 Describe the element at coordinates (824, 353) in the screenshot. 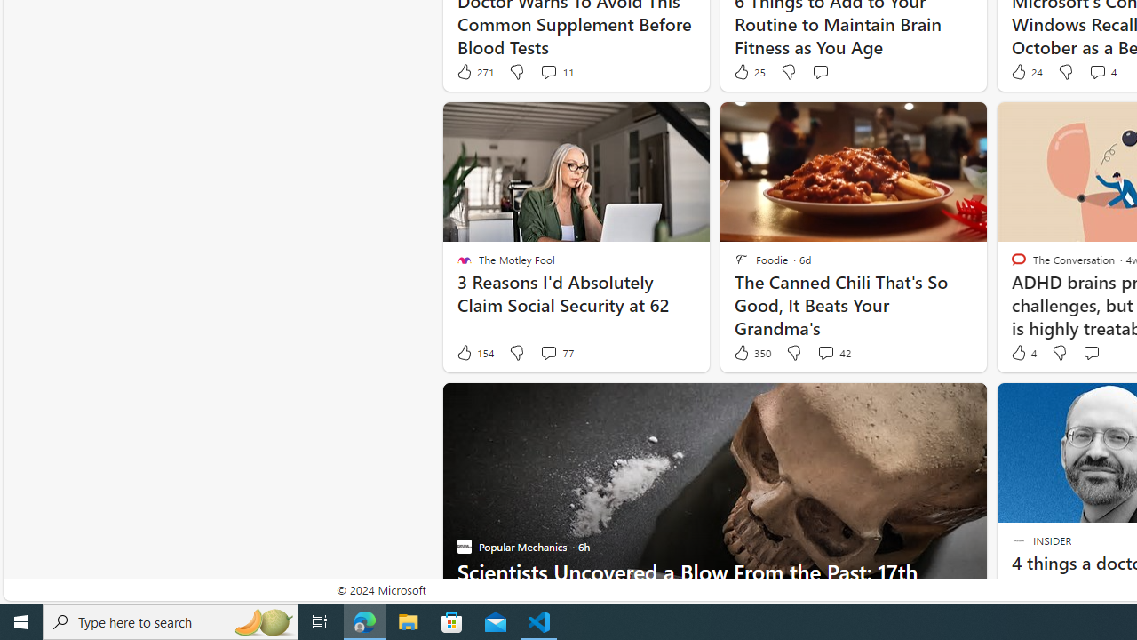

I see `'View comments 42 Comment'` at that location.